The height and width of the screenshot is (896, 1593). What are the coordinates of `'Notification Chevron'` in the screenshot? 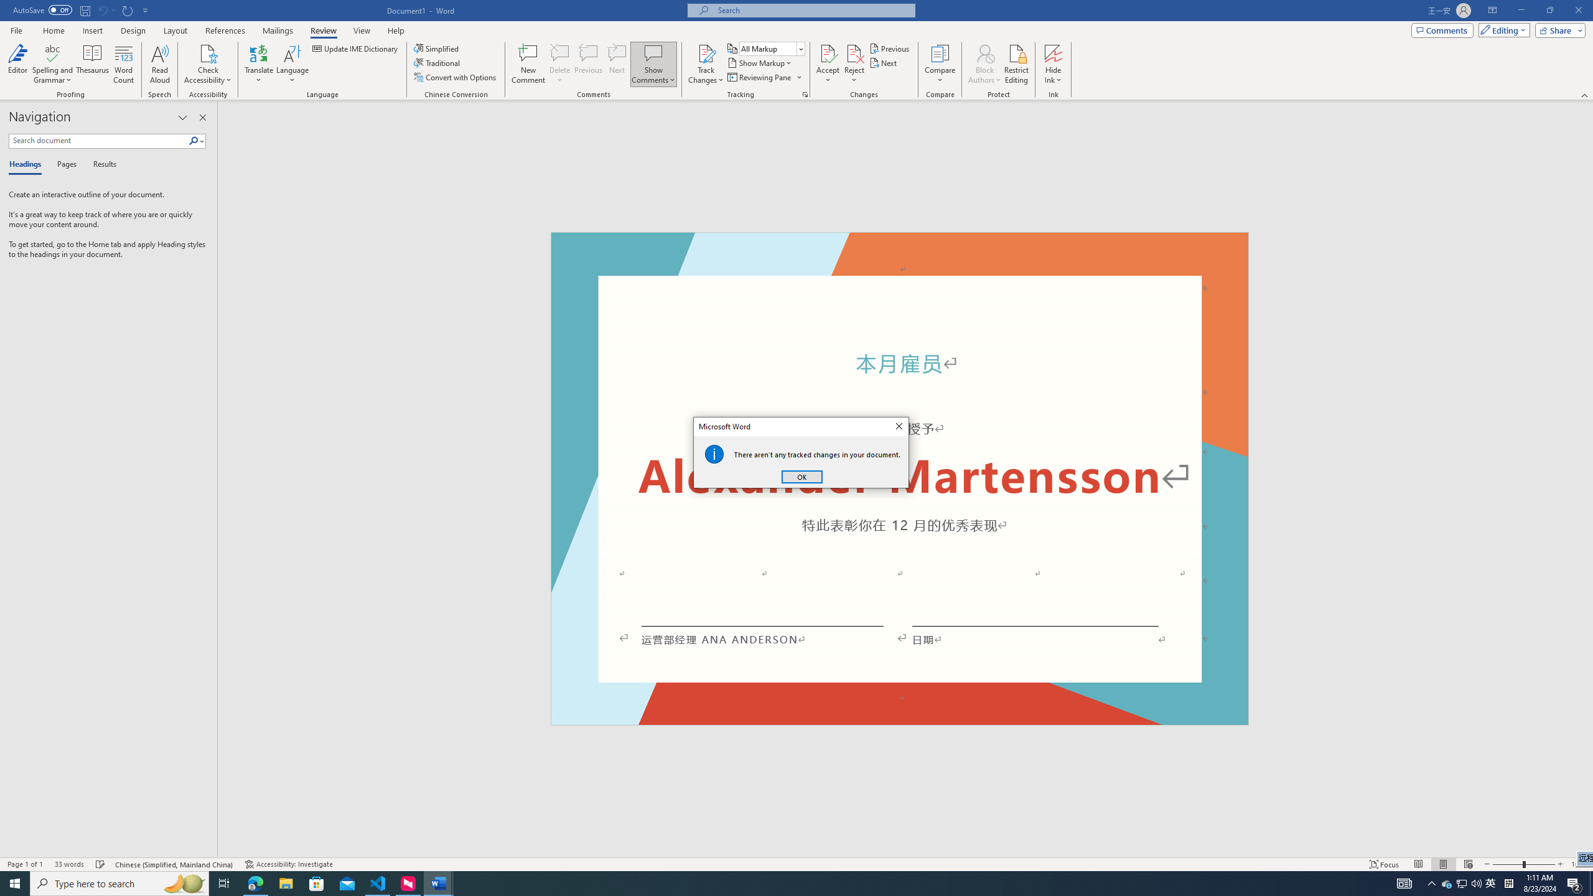 It's located at (1431, 882).